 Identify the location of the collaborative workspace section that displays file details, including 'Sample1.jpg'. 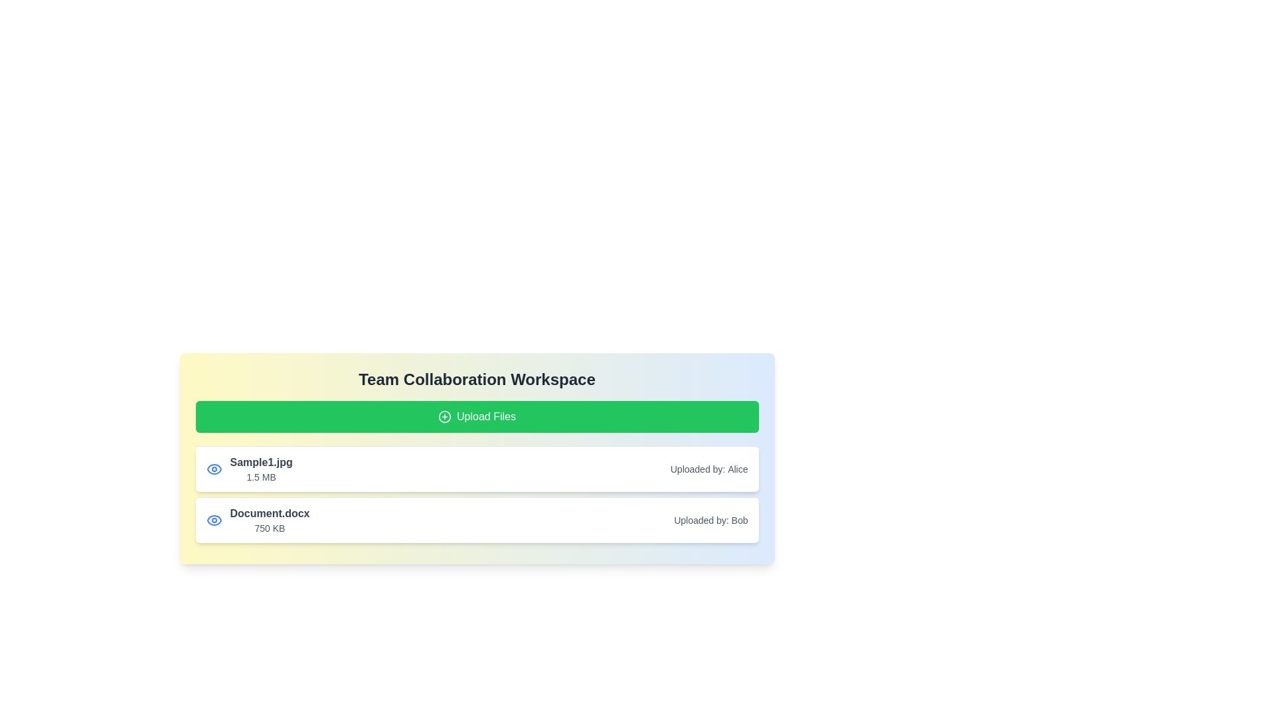
(477, 457).